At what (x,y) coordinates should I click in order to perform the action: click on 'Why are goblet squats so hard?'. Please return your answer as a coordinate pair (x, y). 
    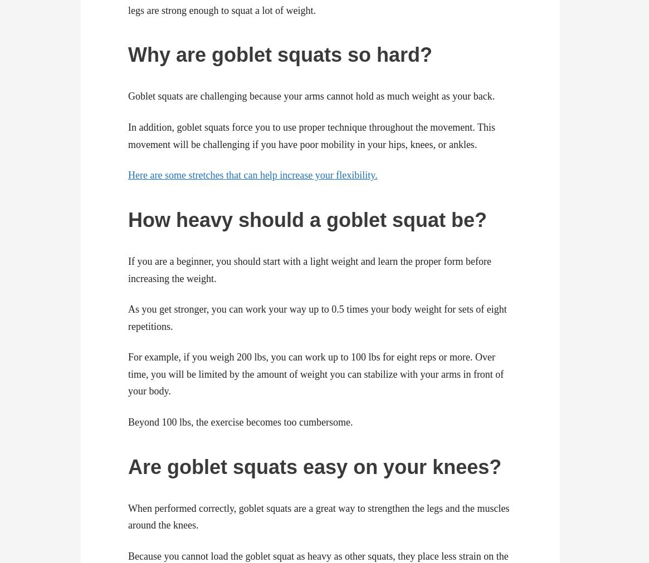
    Looking at the image, I should click on (280, 54).